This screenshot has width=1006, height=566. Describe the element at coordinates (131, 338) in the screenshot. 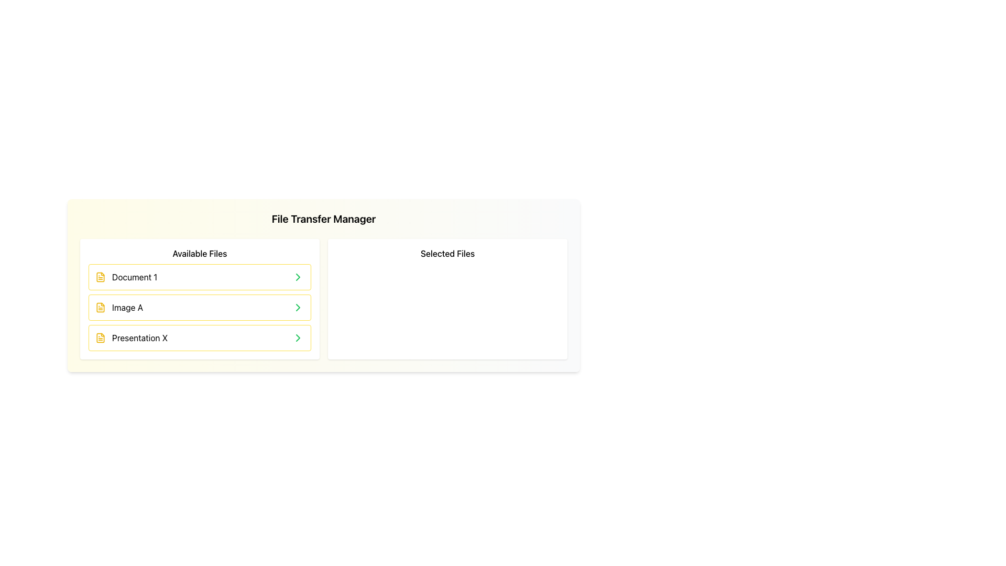

I see `the third list item in the 'Available Files' section that has the text 'Presentation X' and a yellow document icon` at that location.